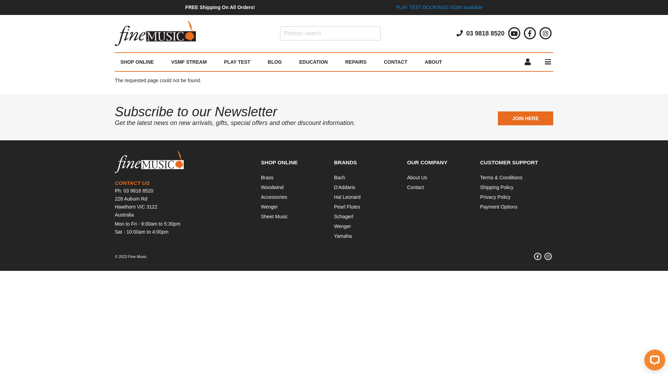 Image resolution: width=668 pixels, height=376 pixels. Describe the element at coordinates (267, 177) in the screenshot. I see `'Brass'` at that location.